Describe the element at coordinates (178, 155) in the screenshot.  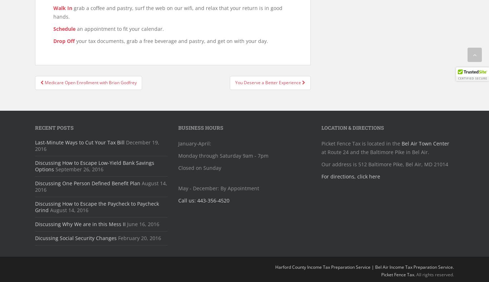
I see `'Monday through Saturday 9am - 7pm'` at that location.